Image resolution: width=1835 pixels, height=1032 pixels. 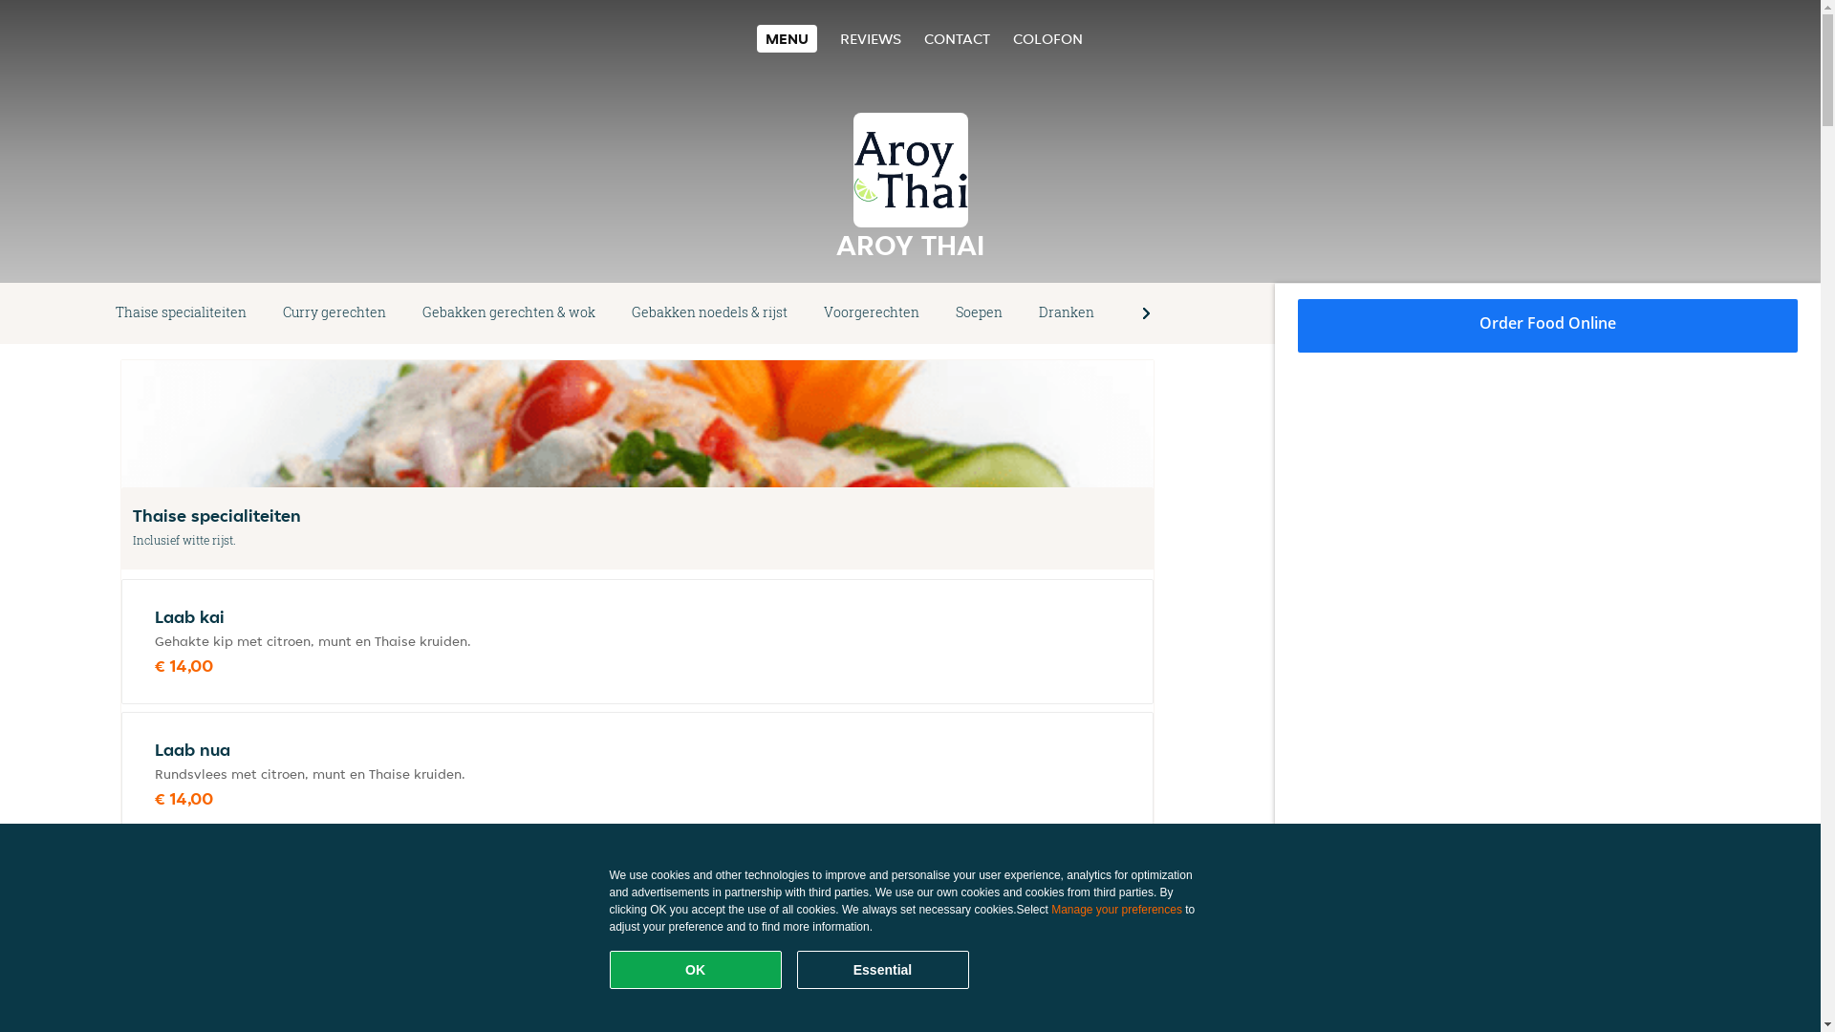 I want to click on 'Thaise specialiteiten', so click(x=96, y=312).